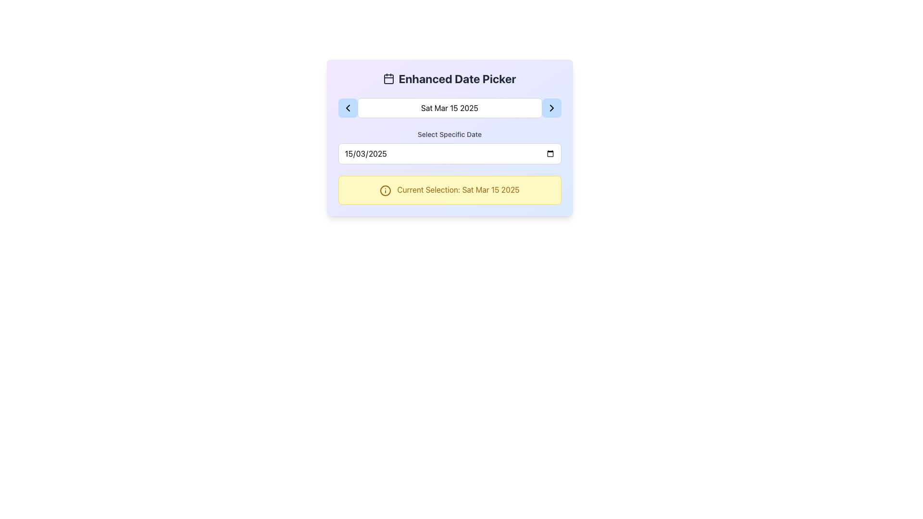 The width and height of the screenshot is (923, 519). I want to click on the calendar icon SVG graphic located to the left of the 'Enhanced Date Picker' header text, so click(389, 78).